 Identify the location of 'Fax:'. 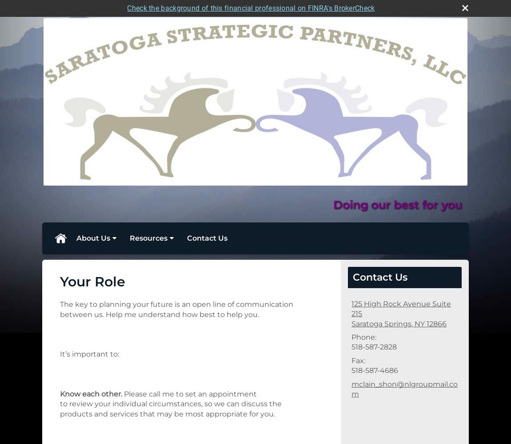
(358, 360).